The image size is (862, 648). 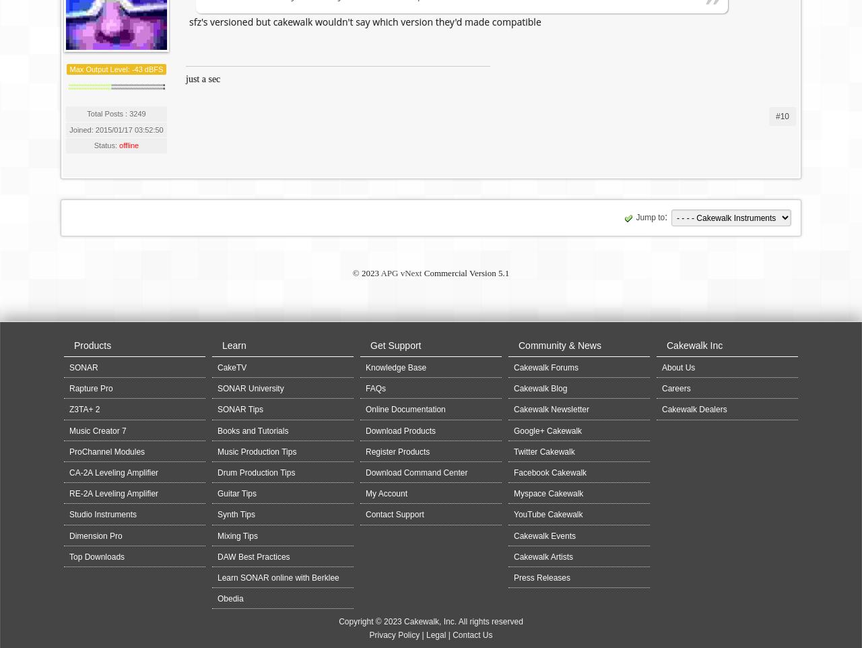 I want to click on 'Learn', so click(x=234, y=344).